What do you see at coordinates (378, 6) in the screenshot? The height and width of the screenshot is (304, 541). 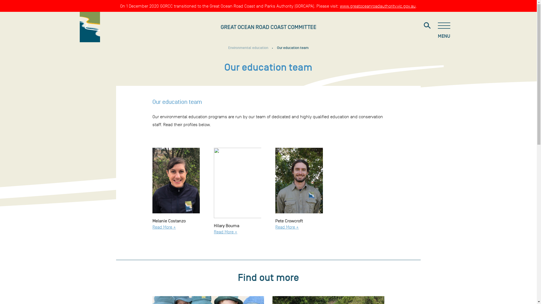 I see `'www.greatoceanroadauthority.vic.gov.au'` at bounding box center [378, 6].